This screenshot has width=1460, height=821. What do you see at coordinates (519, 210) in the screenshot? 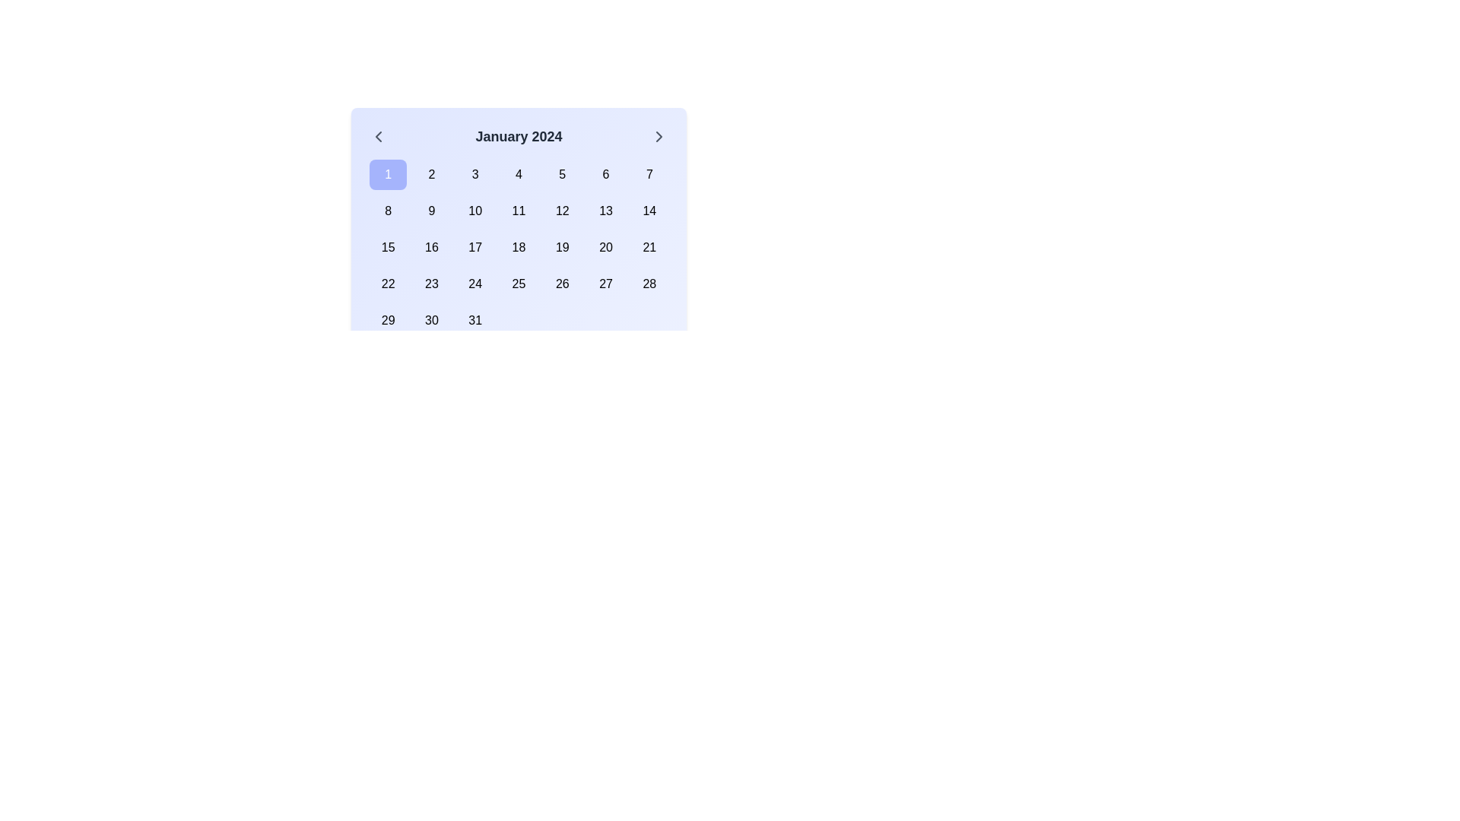
I see `the highlighted date ('1') in the Calendar Widget for January 2024` at bounding box center [519, 210].